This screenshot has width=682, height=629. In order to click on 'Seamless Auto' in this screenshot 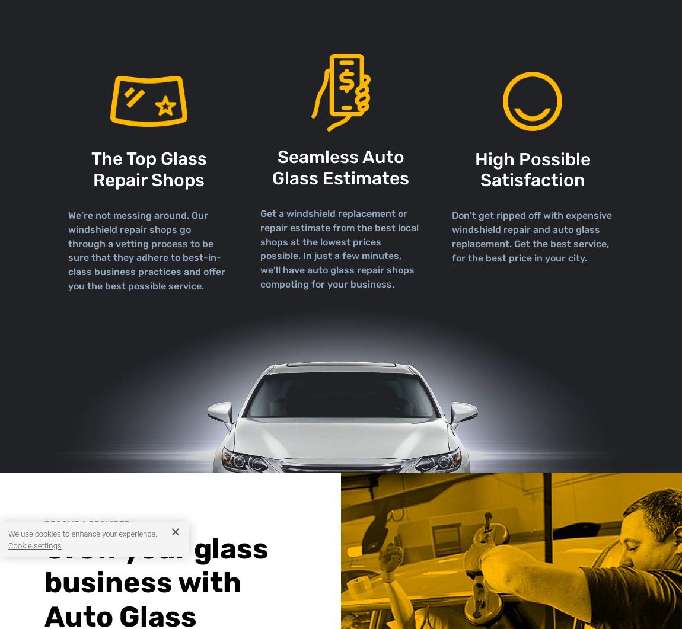, I will do `click(340, 156)`.